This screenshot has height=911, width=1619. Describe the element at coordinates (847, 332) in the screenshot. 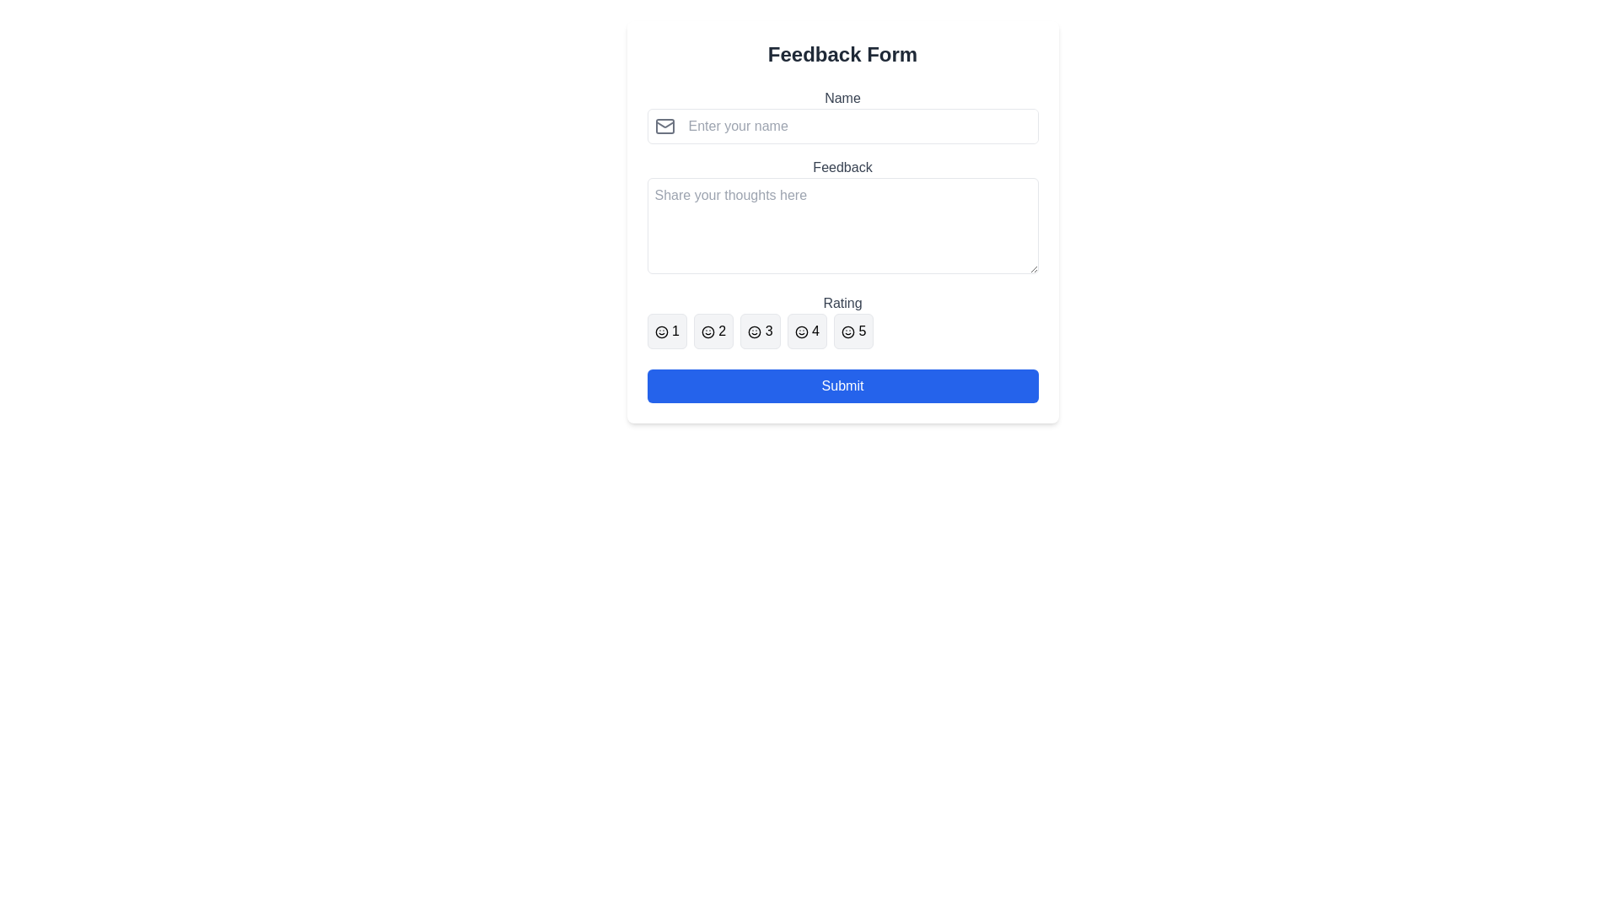

I see `the fifth rating icon in the rating system` at that location.